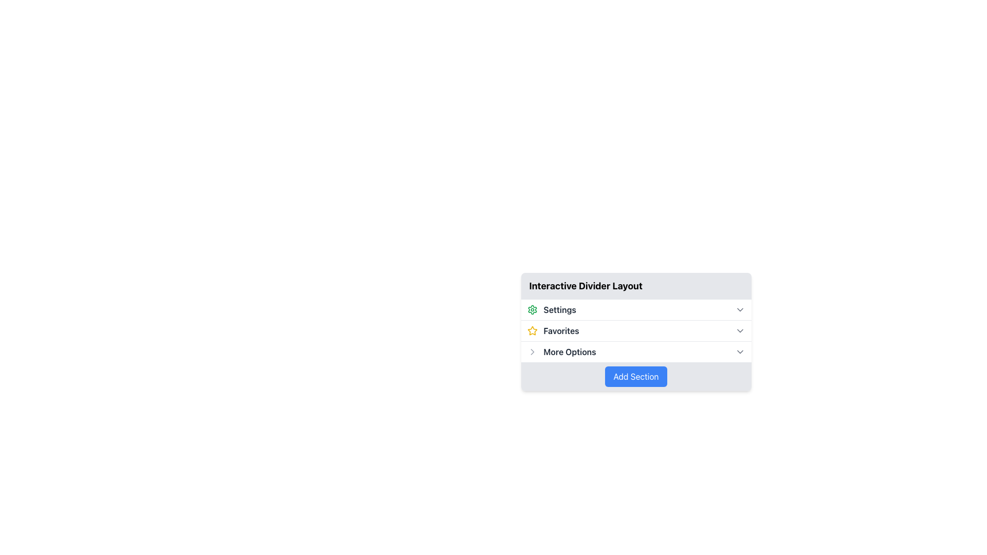  Describe the element at coordinates (635, 331) in the screenshot. I see `the segmented list component containing 'Settings,' 'Favorites,' and 'More Options'` at that location.